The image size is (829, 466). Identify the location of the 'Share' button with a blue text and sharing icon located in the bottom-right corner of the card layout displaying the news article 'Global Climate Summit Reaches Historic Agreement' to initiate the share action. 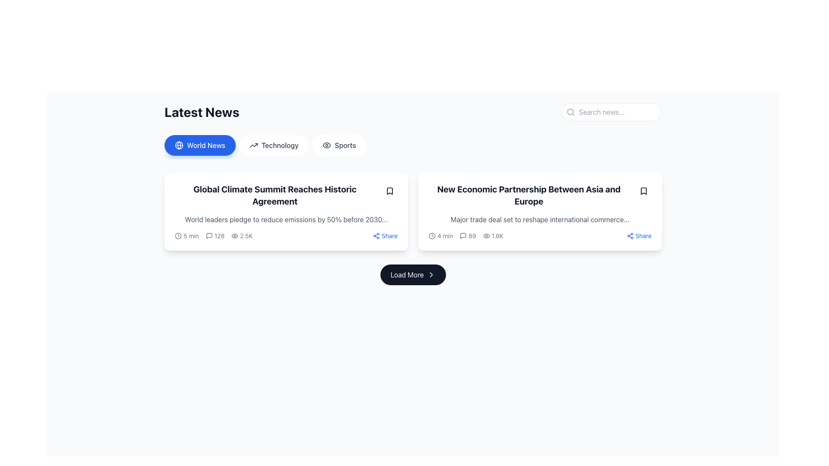
(385, 236).